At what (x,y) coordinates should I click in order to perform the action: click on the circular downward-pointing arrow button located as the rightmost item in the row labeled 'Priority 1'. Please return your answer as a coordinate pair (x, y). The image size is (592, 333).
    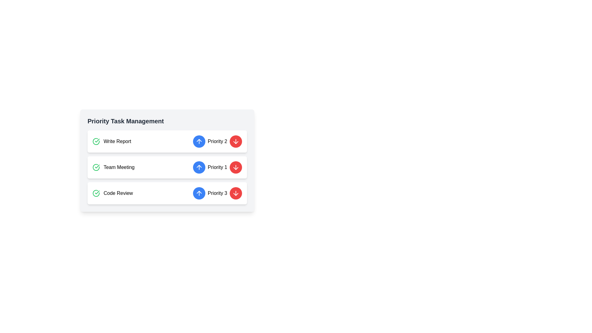
    Looking at the image, I should click on (235, 167).